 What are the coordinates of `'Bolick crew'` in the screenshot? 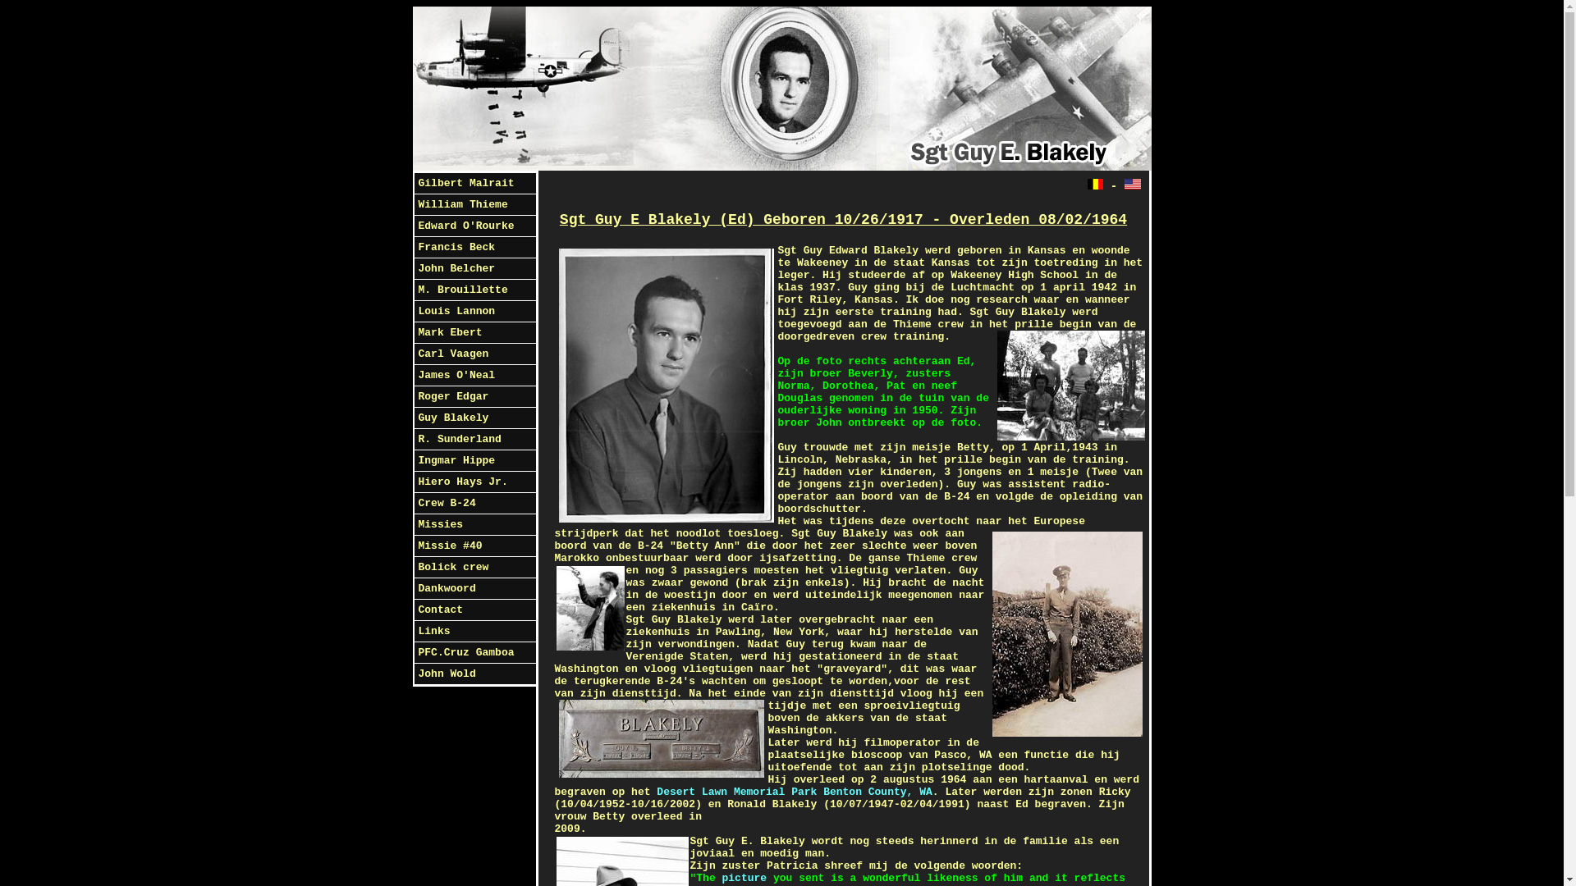 It's located at (473, 566).